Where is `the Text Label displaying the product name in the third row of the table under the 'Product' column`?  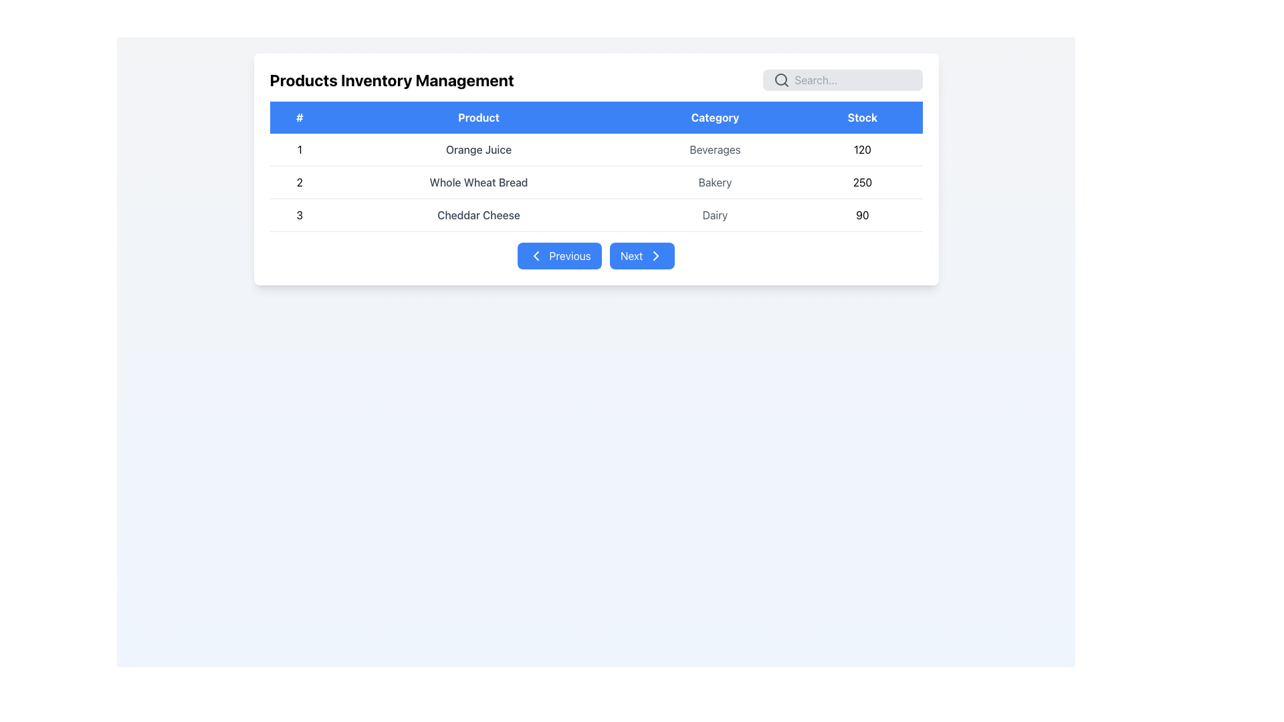 the Text Label displaying the product name in the third row of the table under the 'Product' column is located at coordinates (478, 214).